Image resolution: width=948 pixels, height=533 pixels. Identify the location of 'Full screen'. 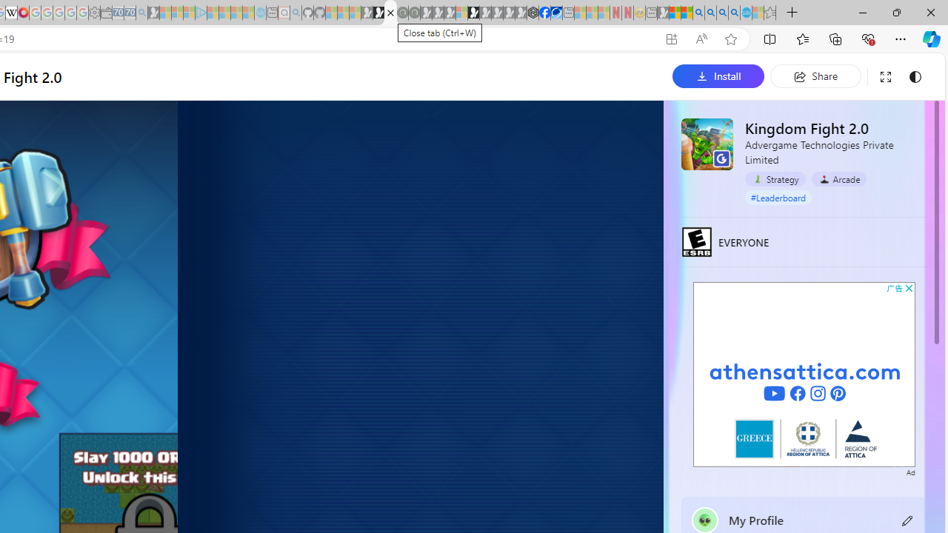
(885, 76).